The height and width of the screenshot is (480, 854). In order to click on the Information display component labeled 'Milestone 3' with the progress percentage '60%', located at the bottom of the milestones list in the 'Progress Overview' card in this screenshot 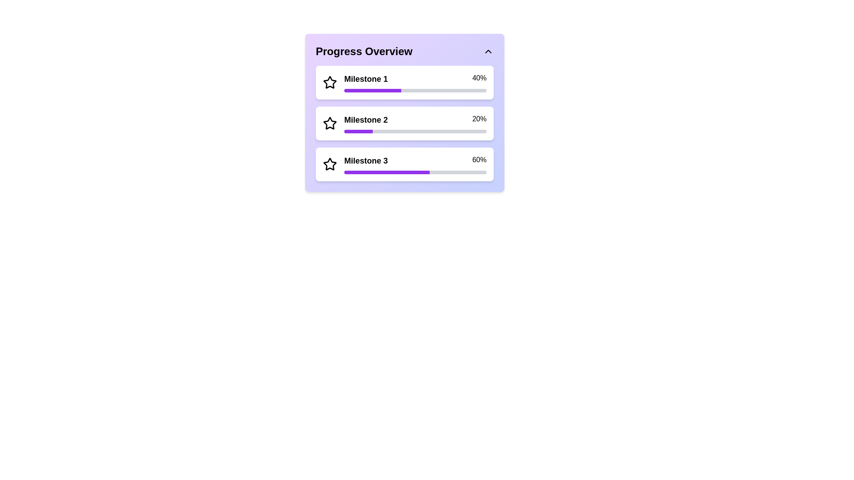, I will do `click(415, 161)`.